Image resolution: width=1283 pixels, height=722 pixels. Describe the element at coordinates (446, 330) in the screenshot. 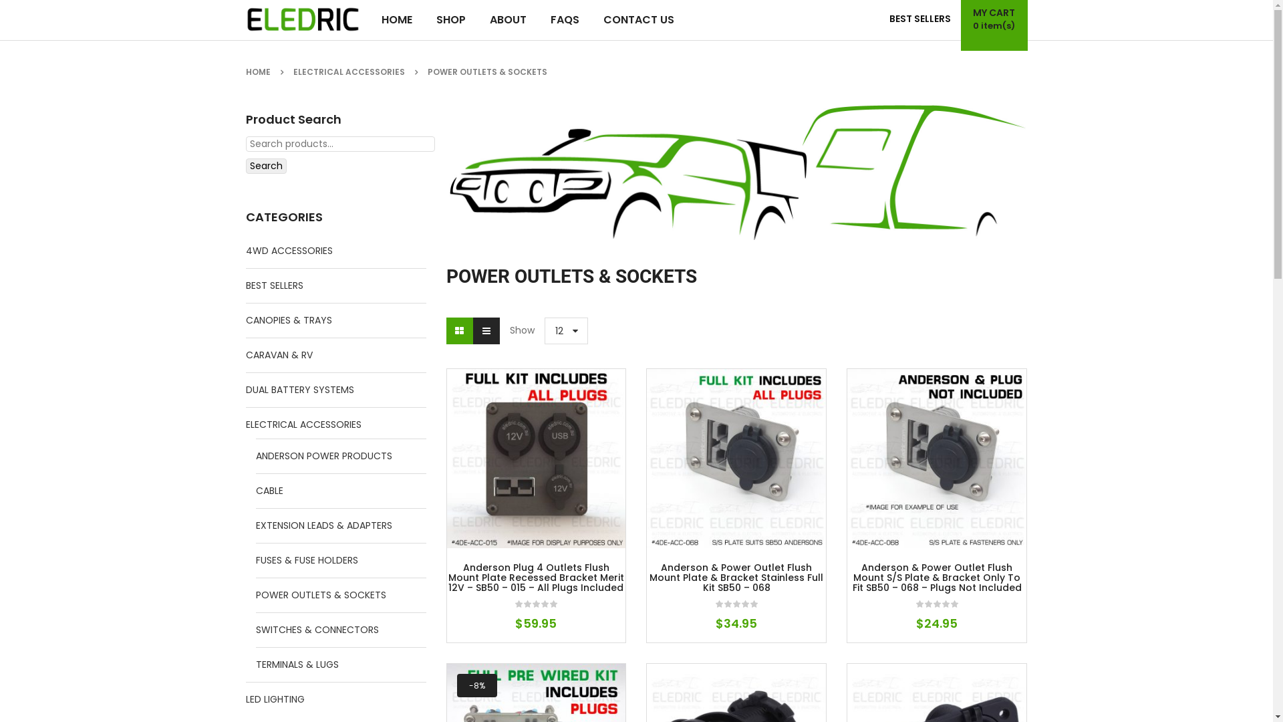

I see `'Grid view'` at that location.